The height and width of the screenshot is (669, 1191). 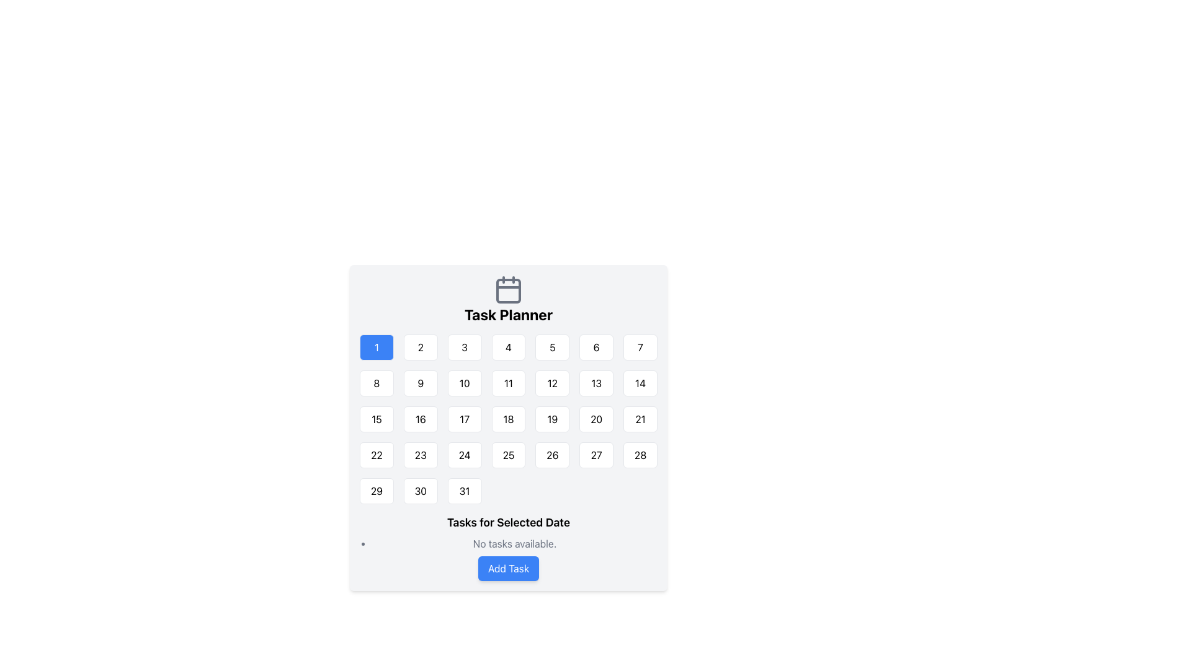 What do you see at coordinates (509, 299) in the screenshot?
I see `text from the header element located at the top-center of the interface, which describes the purpose of the task planning interface` at bounding box center [509, 299].